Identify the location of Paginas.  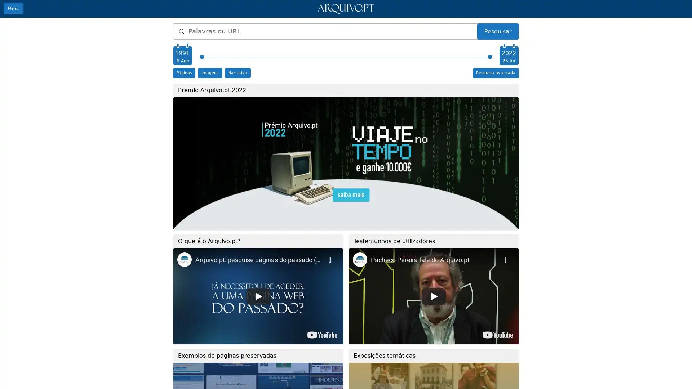
(184, 73).